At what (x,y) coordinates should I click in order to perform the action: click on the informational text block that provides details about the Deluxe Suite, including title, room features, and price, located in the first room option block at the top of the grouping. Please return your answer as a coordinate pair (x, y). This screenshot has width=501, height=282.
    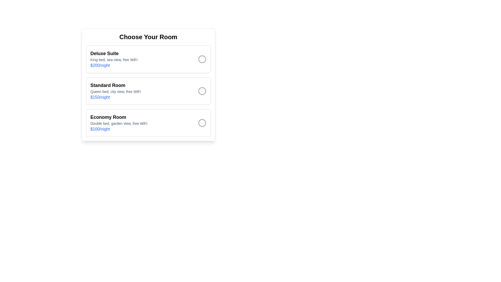
    Looking at the image, I should click on (114, 59).